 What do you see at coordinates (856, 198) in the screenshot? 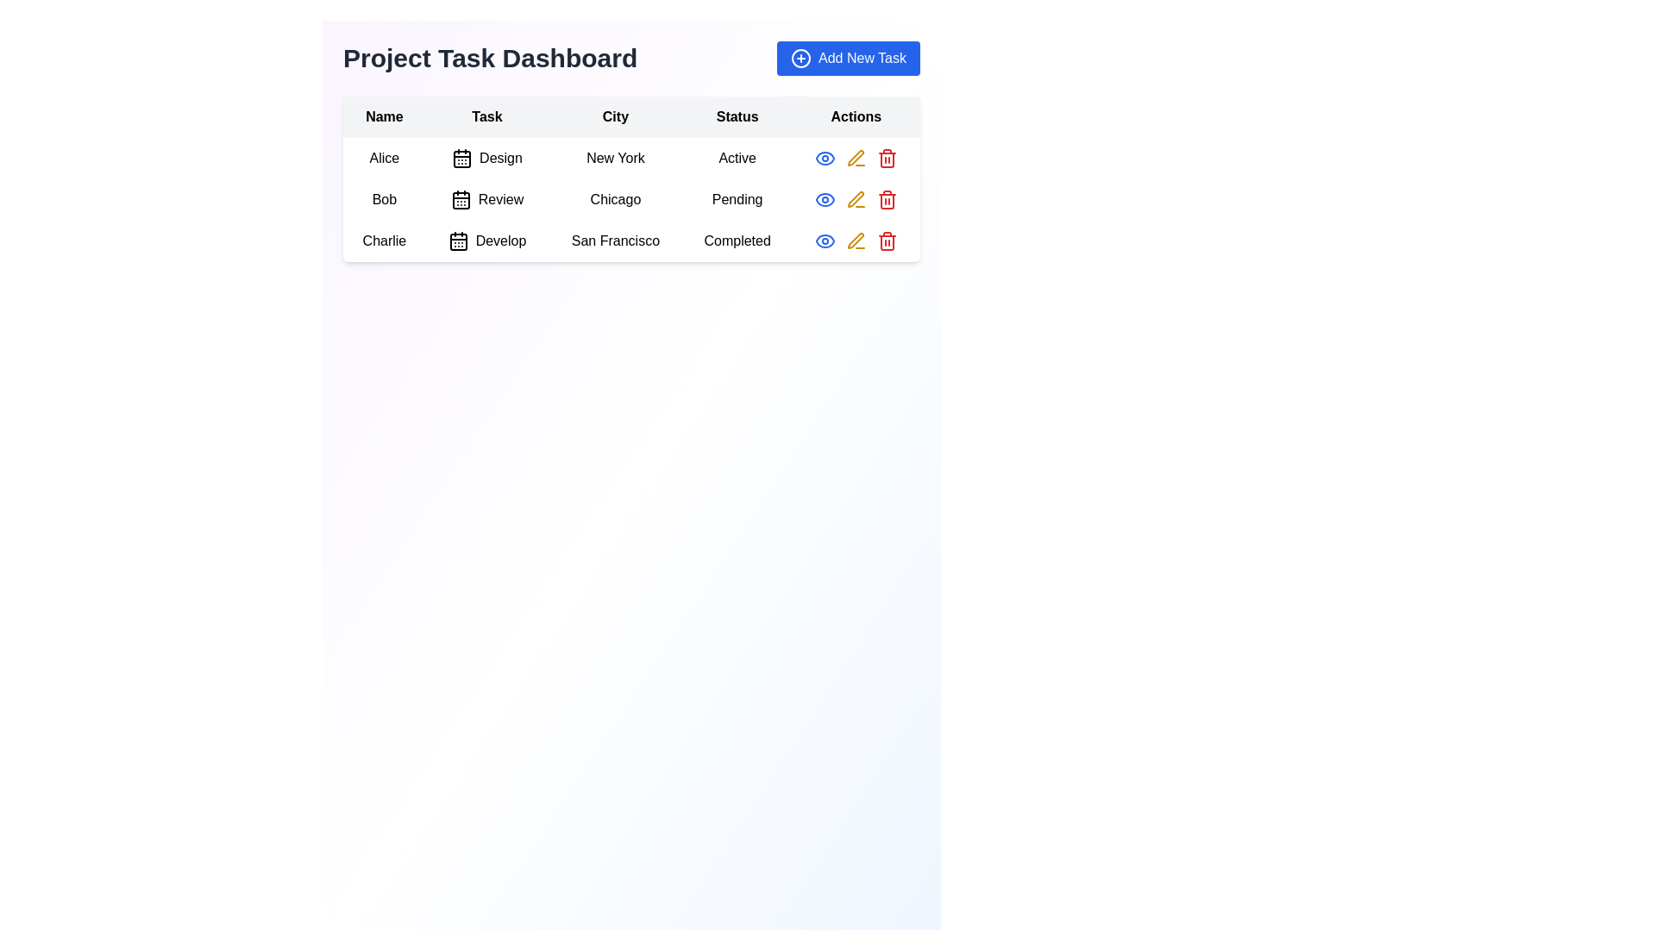
I see `the 'Edit' button represented by a pen icon in the second row of the table under the 'Actions' column, which is positioned between a blue eye icon and a red trash bin icon` at bounding box center [856, 198].